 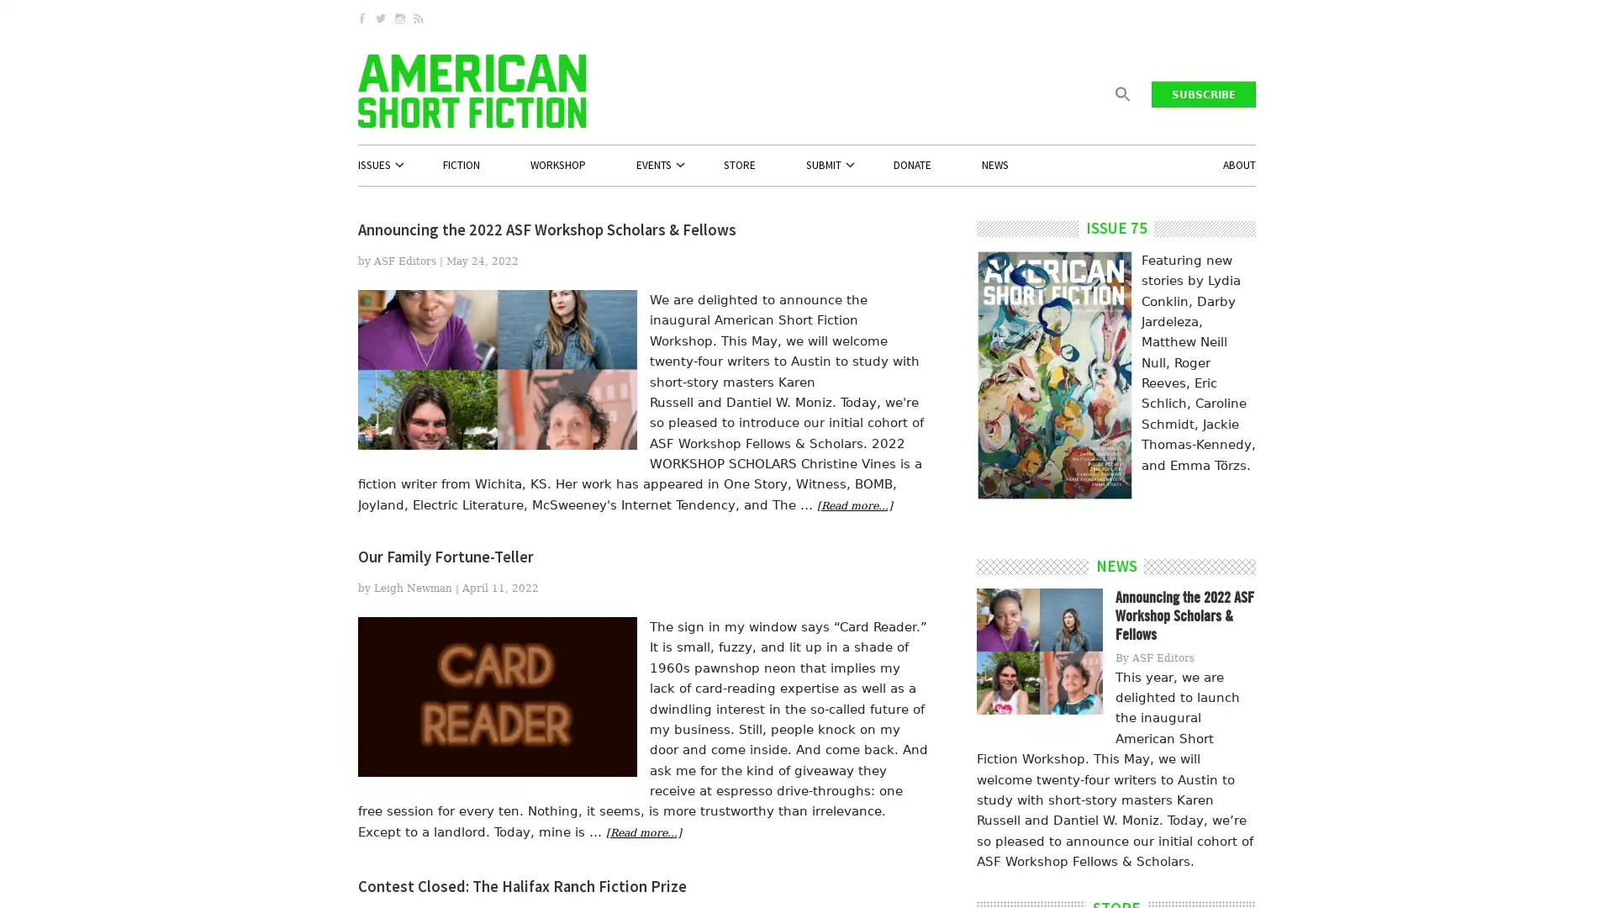 What do you see at coordinates (416, 165) in the screenshot?
I see `SUBMENU` at bounding box center [416, 165].